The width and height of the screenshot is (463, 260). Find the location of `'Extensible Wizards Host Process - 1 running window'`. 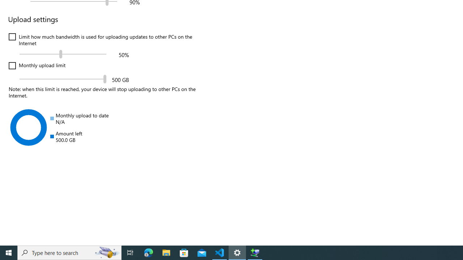

'Extensible Wizards Host Process - 1 running window' is located at coordinates (255, 252).